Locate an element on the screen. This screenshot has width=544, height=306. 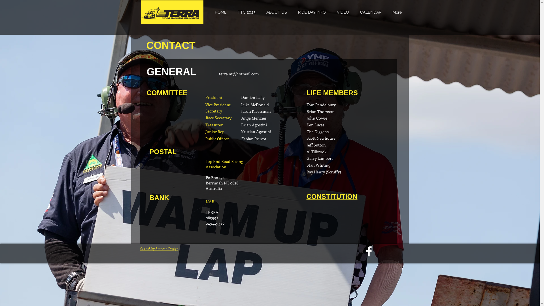
'CALENDAR' is located at coordinates (371, 12).